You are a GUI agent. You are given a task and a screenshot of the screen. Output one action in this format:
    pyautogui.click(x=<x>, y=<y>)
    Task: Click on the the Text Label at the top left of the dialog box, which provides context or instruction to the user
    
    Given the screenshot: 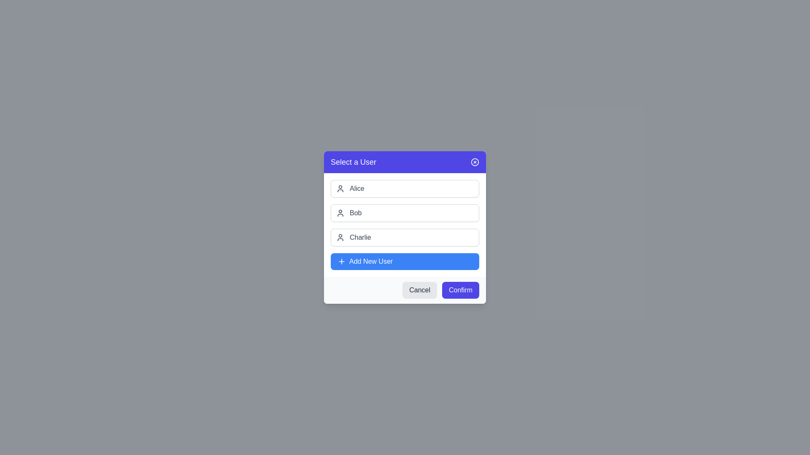 What is the action you would take?
    pyautogui.click(x=354, y=162)
    